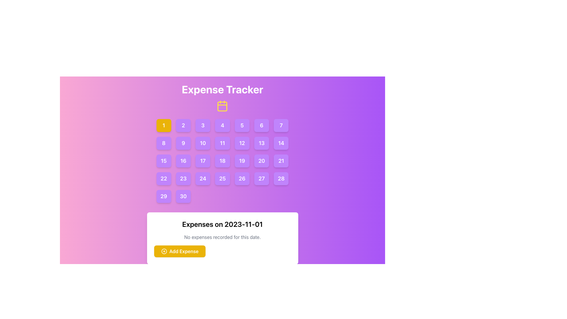 This screenshot has height=319, width=567. What do you see at coordinates (281, 125) in the screenshot?
I see `the purple rounded-corner button displaying the number '7' to activate the hover effect` at bounding box center [281, 125].